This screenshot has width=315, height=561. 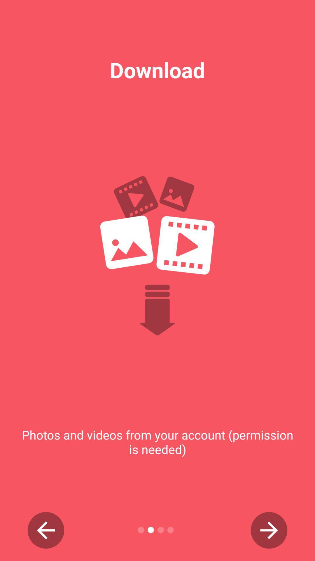 What do you see at coordinates (269, 530) in the screenshot?
I see `next` at bounding box center [269, 530].